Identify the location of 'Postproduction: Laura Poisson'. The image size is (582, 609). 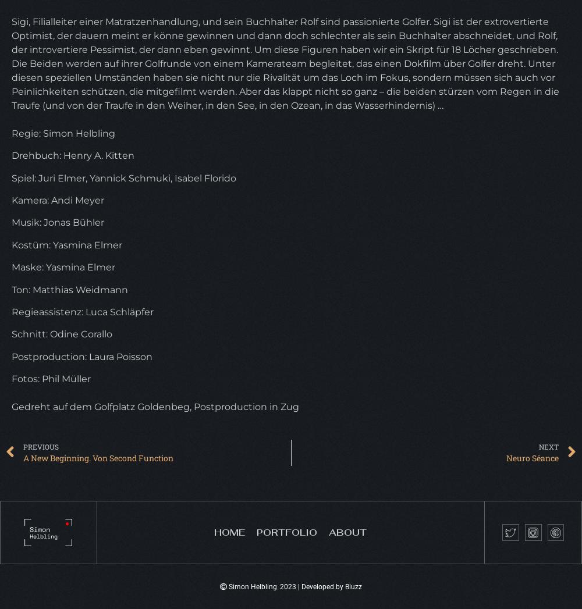
(82, 355).